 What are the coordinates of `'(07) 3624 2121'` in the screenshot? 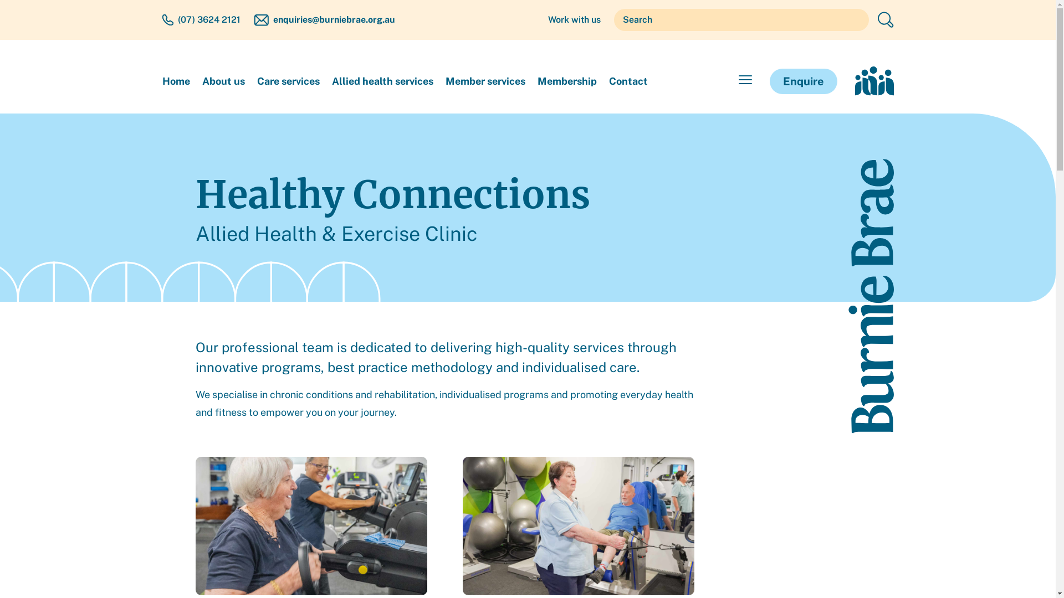 It's located at (208, 19).